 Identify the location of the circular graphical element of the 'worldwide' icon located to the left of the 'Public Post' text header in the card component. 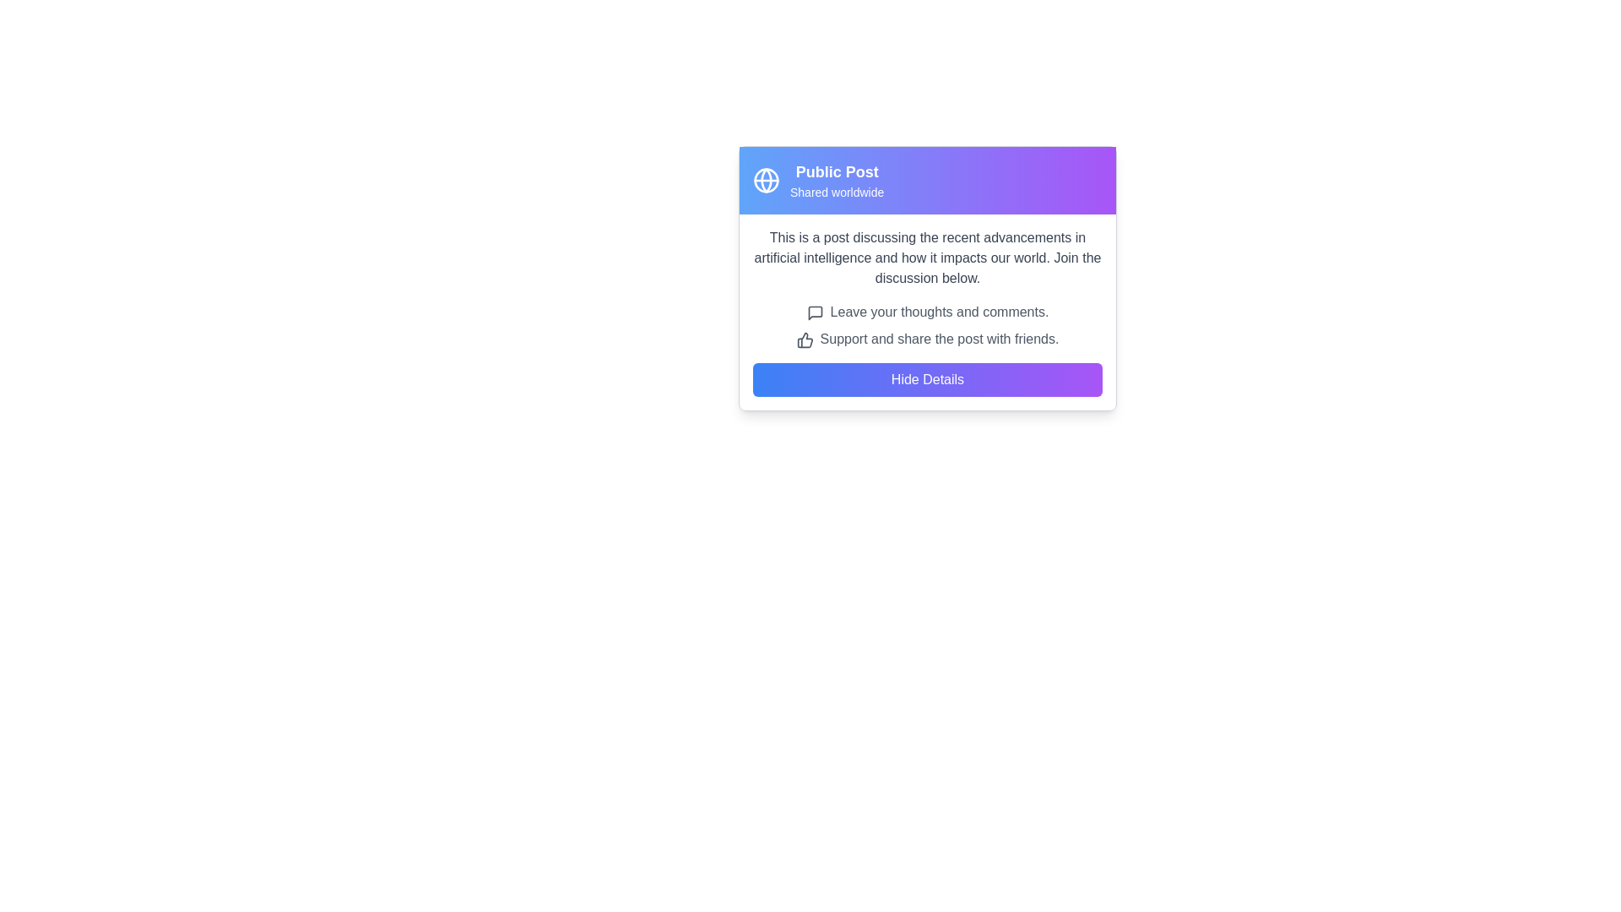
(765, 180).